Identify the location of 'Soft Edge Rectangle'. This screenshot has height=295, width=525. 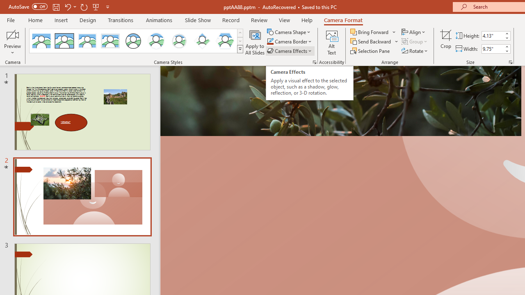
(110, 41).